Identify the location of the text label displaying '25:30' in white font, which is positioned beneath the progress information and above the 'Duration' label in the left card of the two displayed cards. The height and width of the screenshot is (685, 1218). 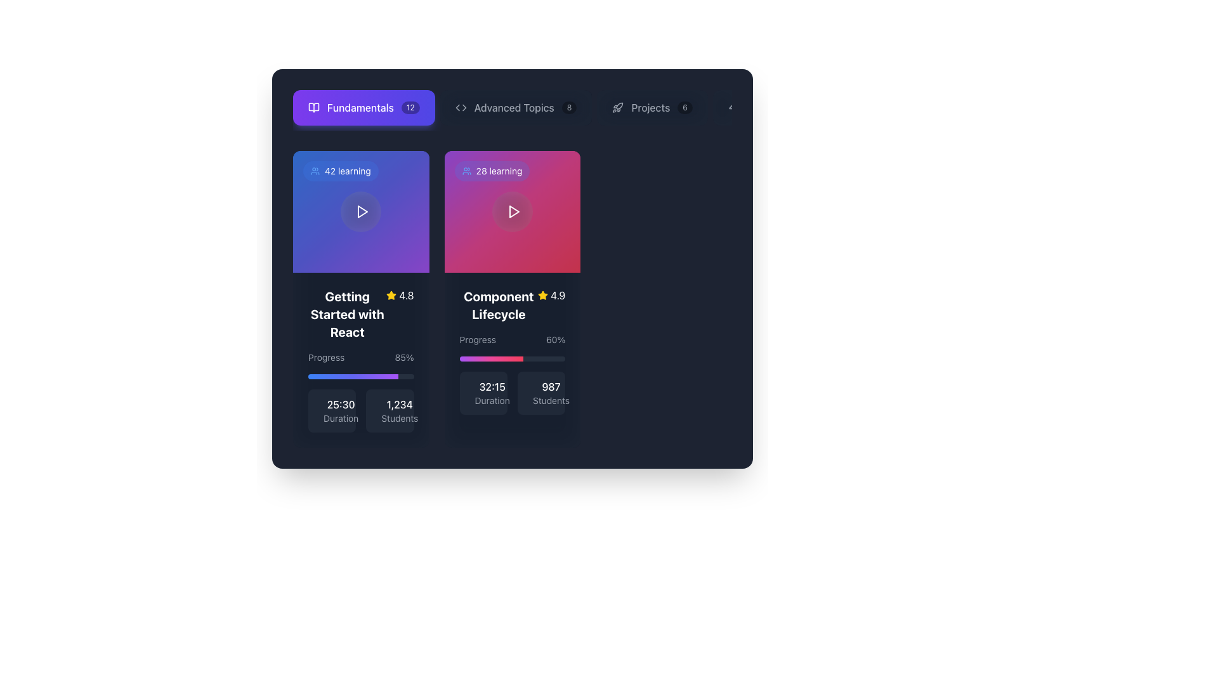
(341, 404).